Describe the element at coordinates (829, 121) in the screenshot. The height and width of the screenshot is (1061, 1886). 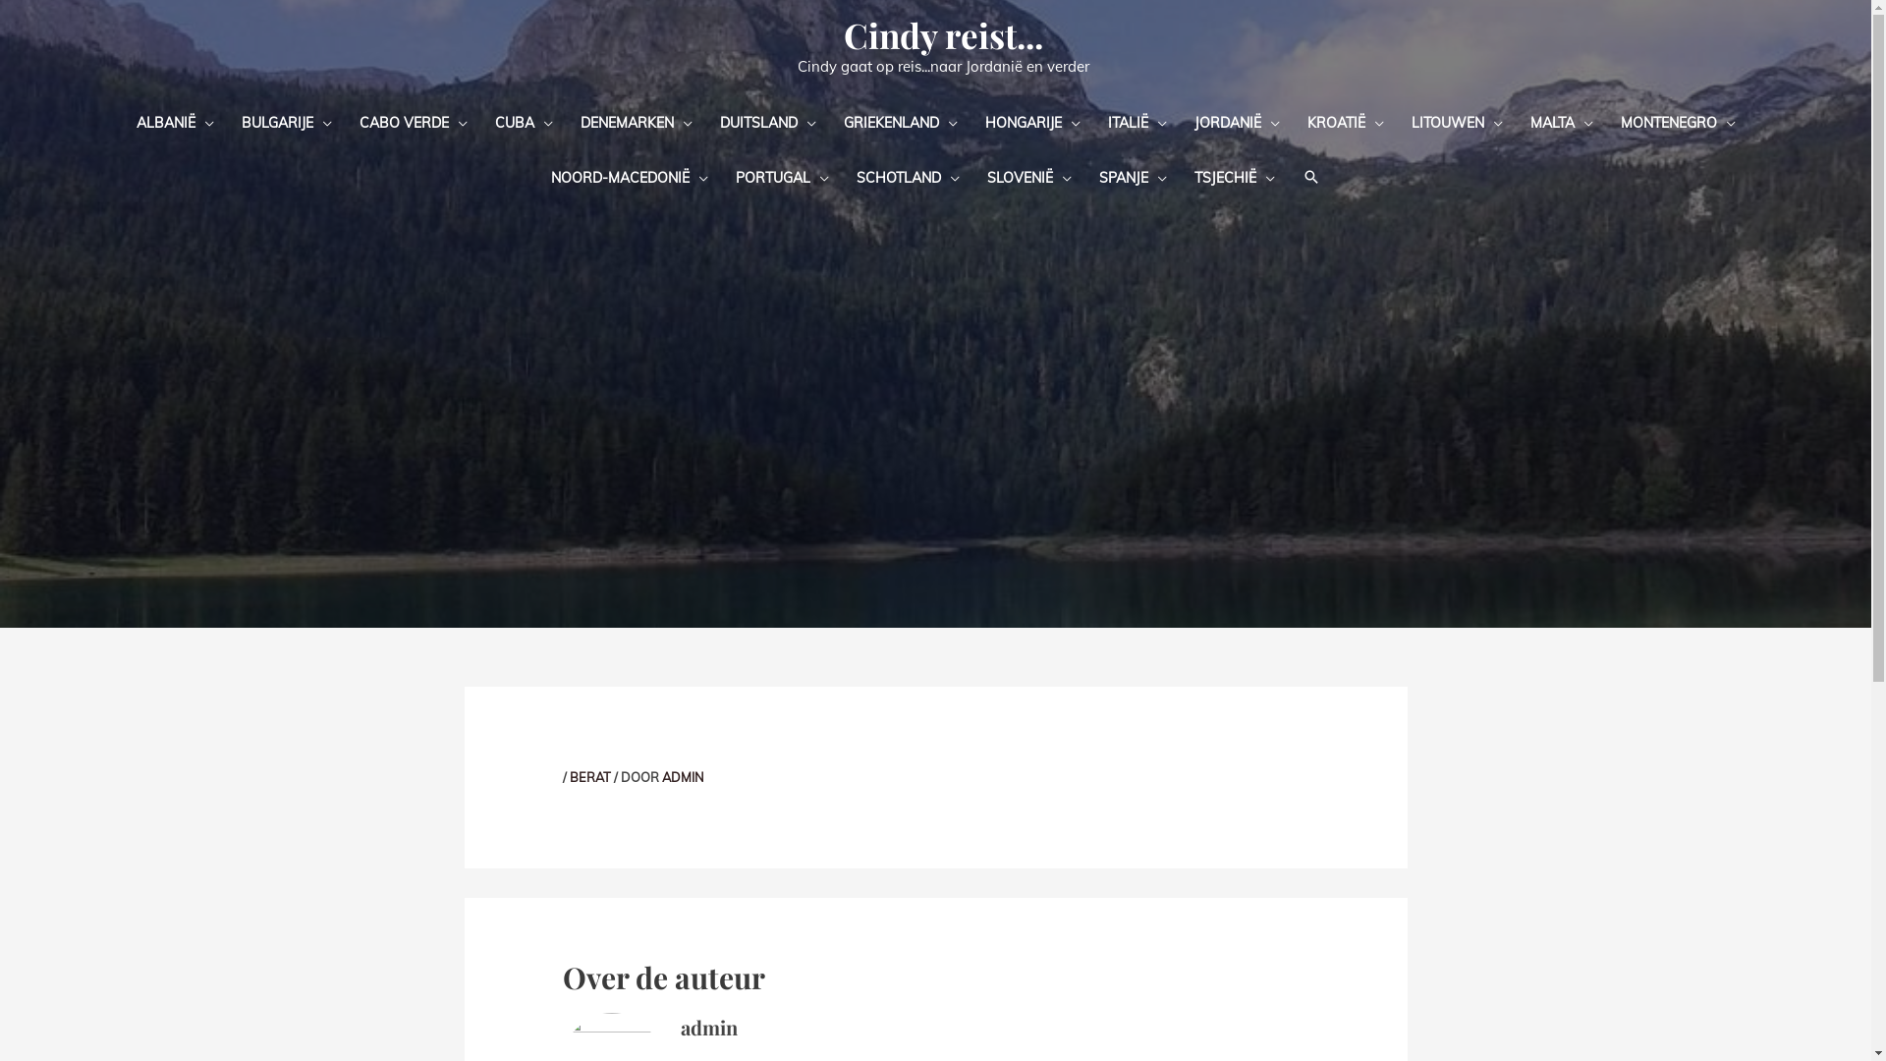
I see `'GRIEKENLAND'` at that location.